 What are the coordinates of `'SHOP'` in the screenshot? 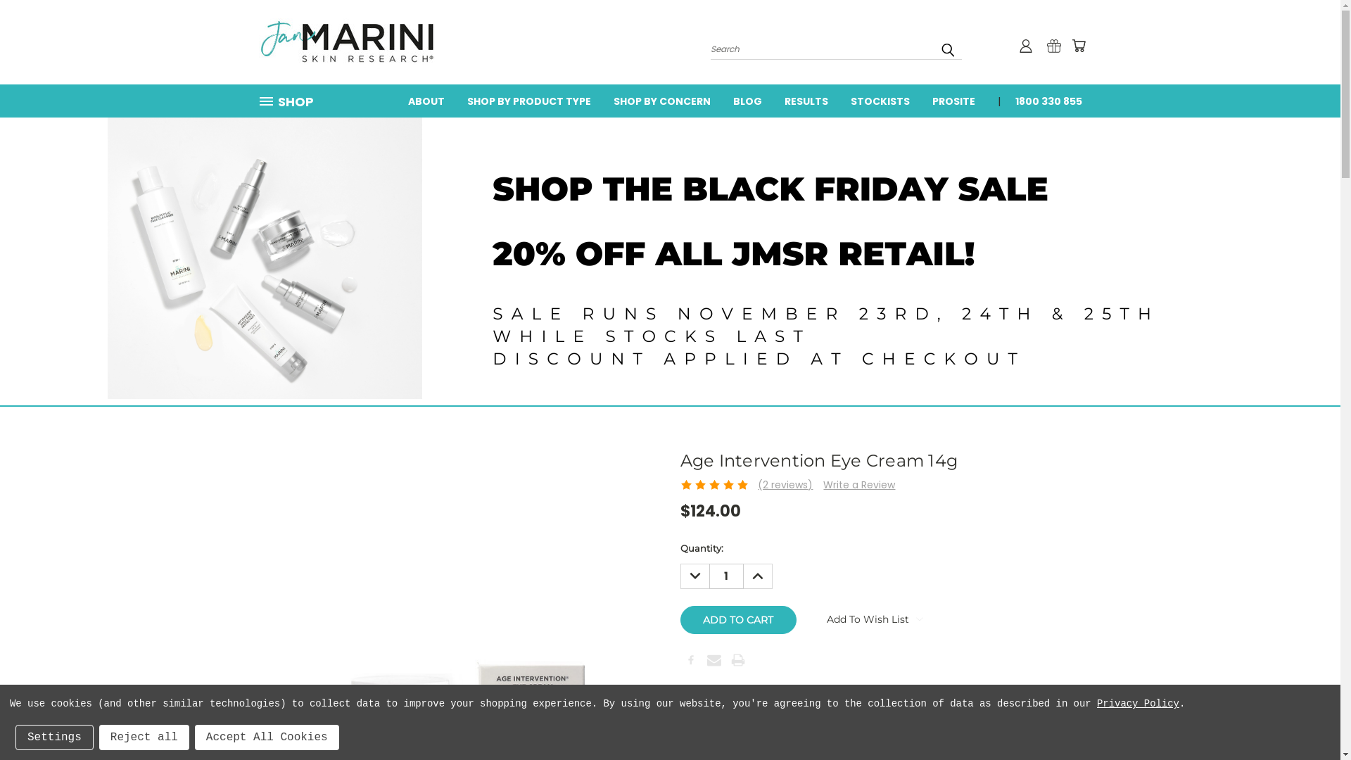 It's located at (291, 101).